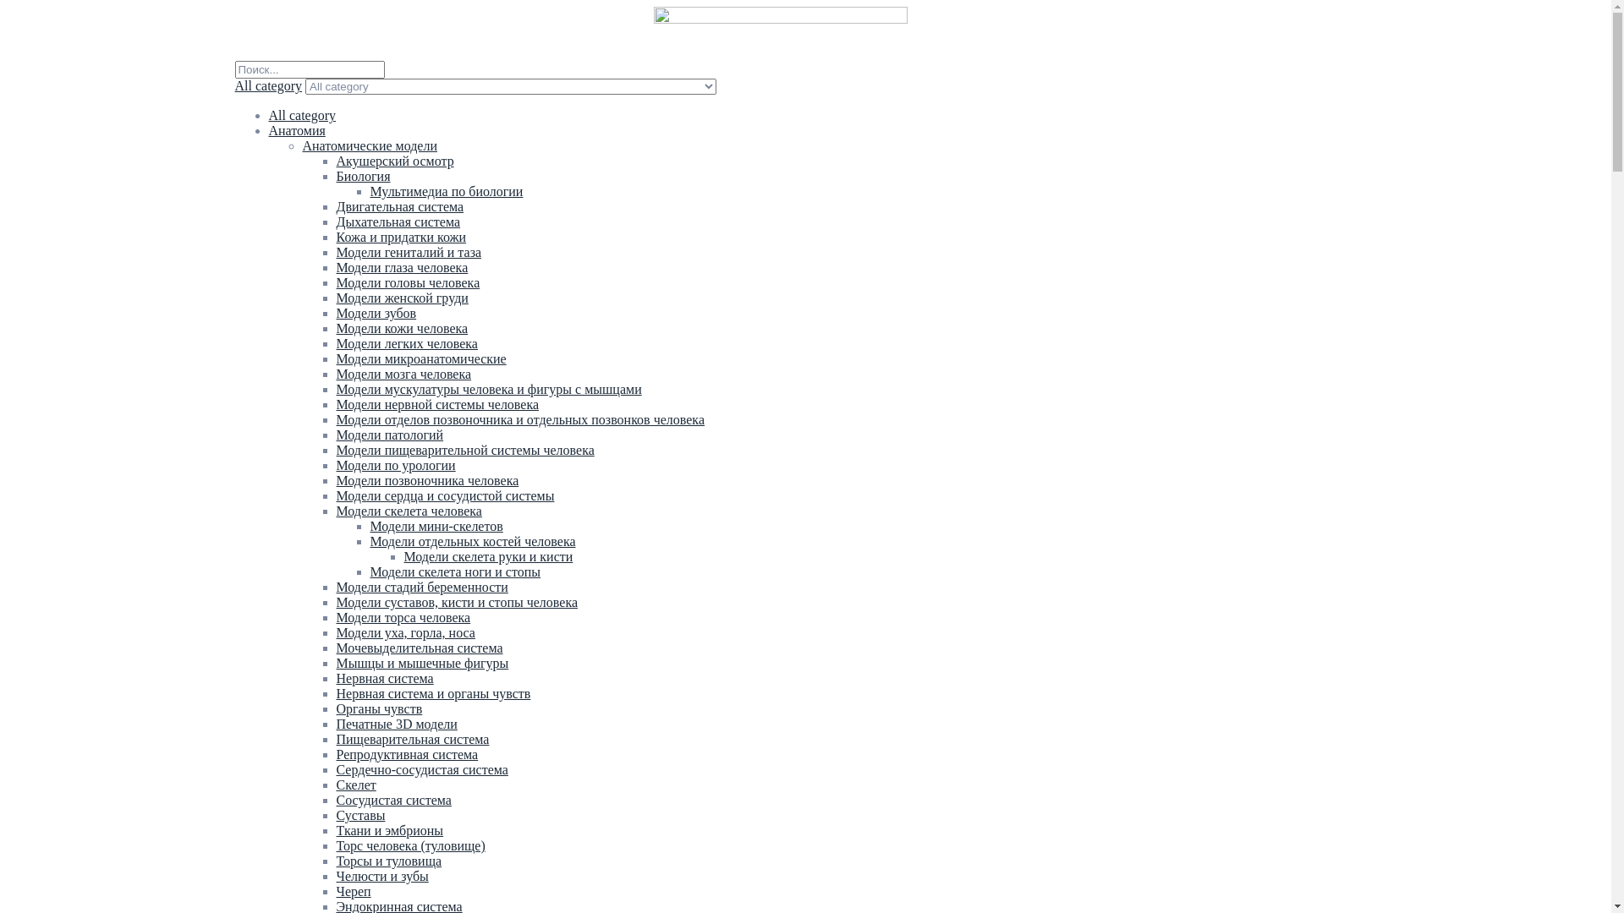  What do you see at coordinates (310, 68) in the screenshot?
I see `'Search'` at bounding box center [310, 68].